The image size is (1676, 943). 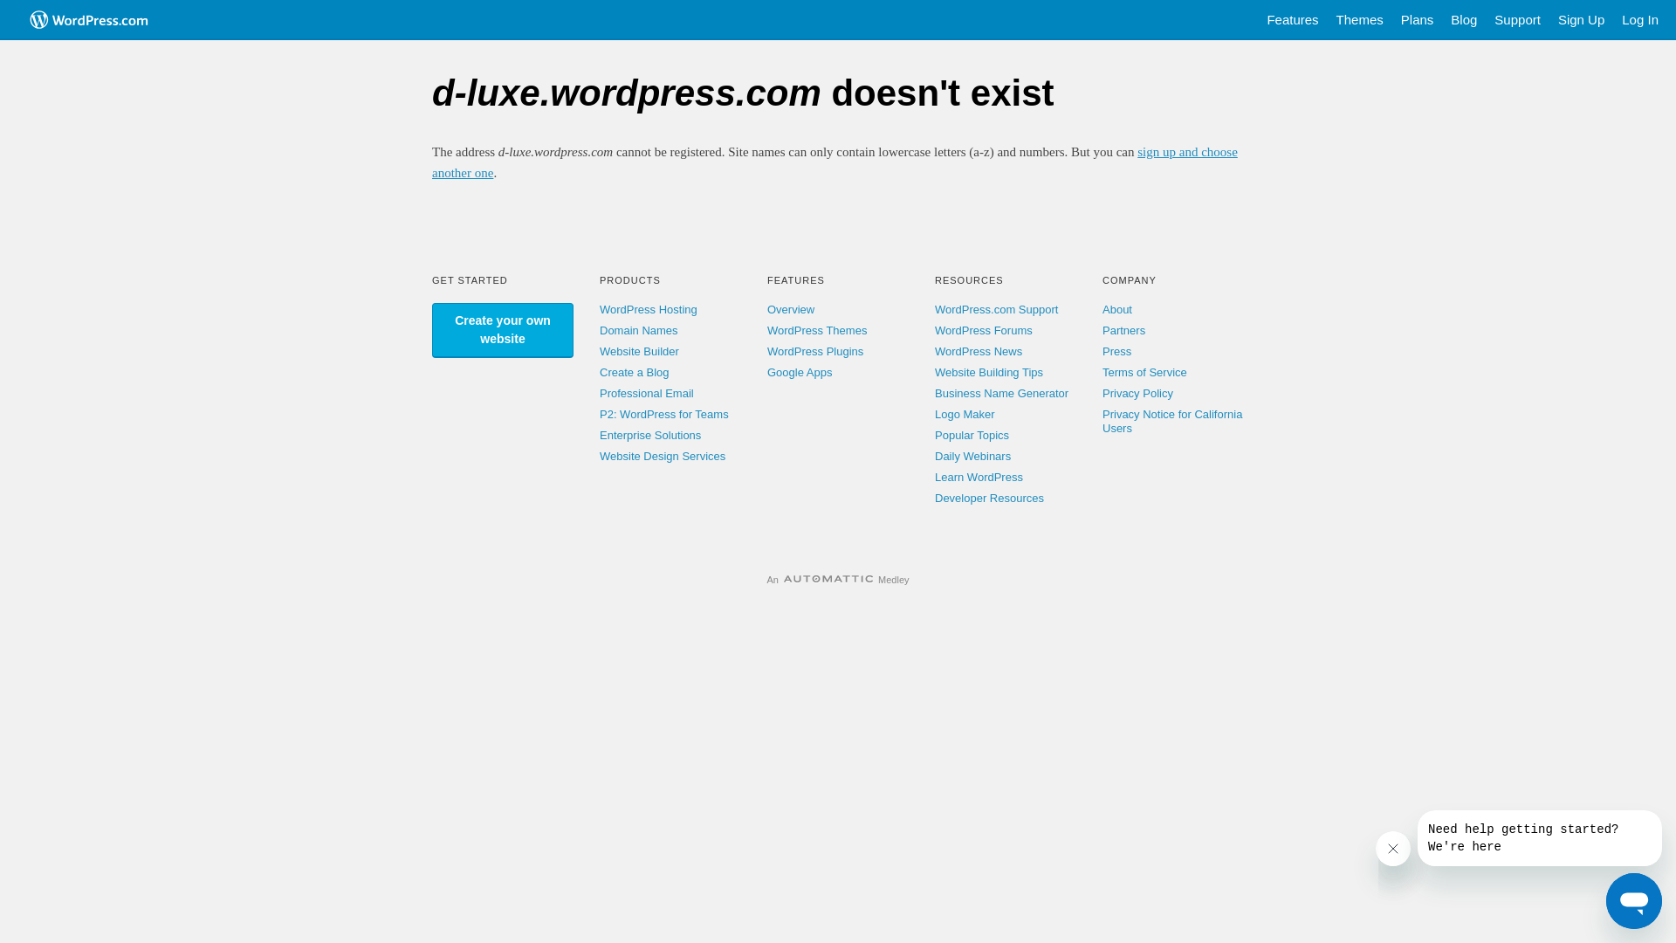 What do you see at coordinates (964, 414) in the screenshot?
I see `'Logo Maker'` at bounding box center [964, 414].